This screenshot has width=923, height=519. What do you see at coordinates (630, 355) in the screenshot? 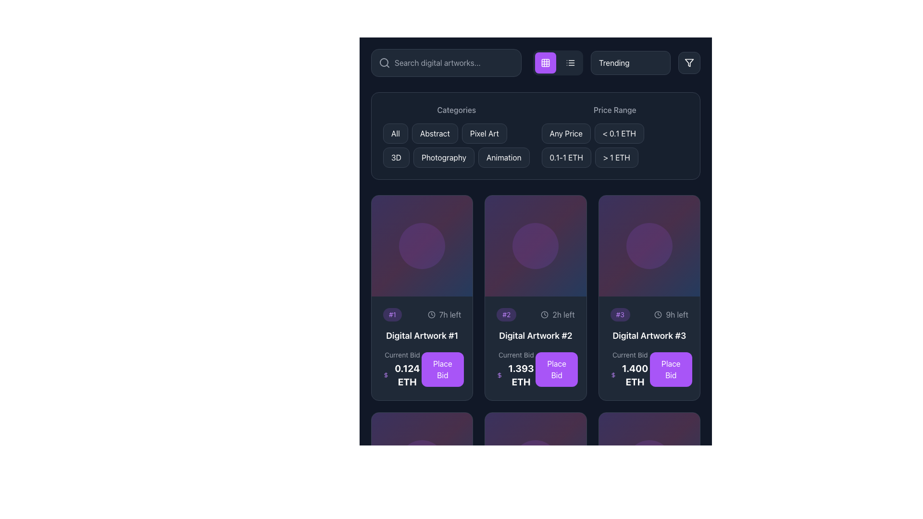
I see `the Text label that describes the current bid amount for the item, which is located above the value '1.400 ETH' and below the header 'Digital Artwork #3'` at bounding box center [630, 355].